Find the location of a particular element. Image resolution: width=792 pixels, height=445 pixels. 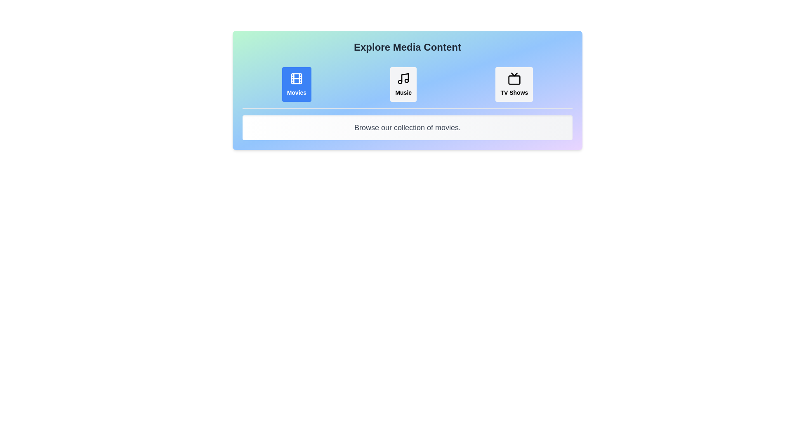

the 'Music' button, which is a rectangular button with rounded edges, a light gray background, and a black music note icon above the label 'Music' written in bold and centered text is located at coordinates (403, 84).